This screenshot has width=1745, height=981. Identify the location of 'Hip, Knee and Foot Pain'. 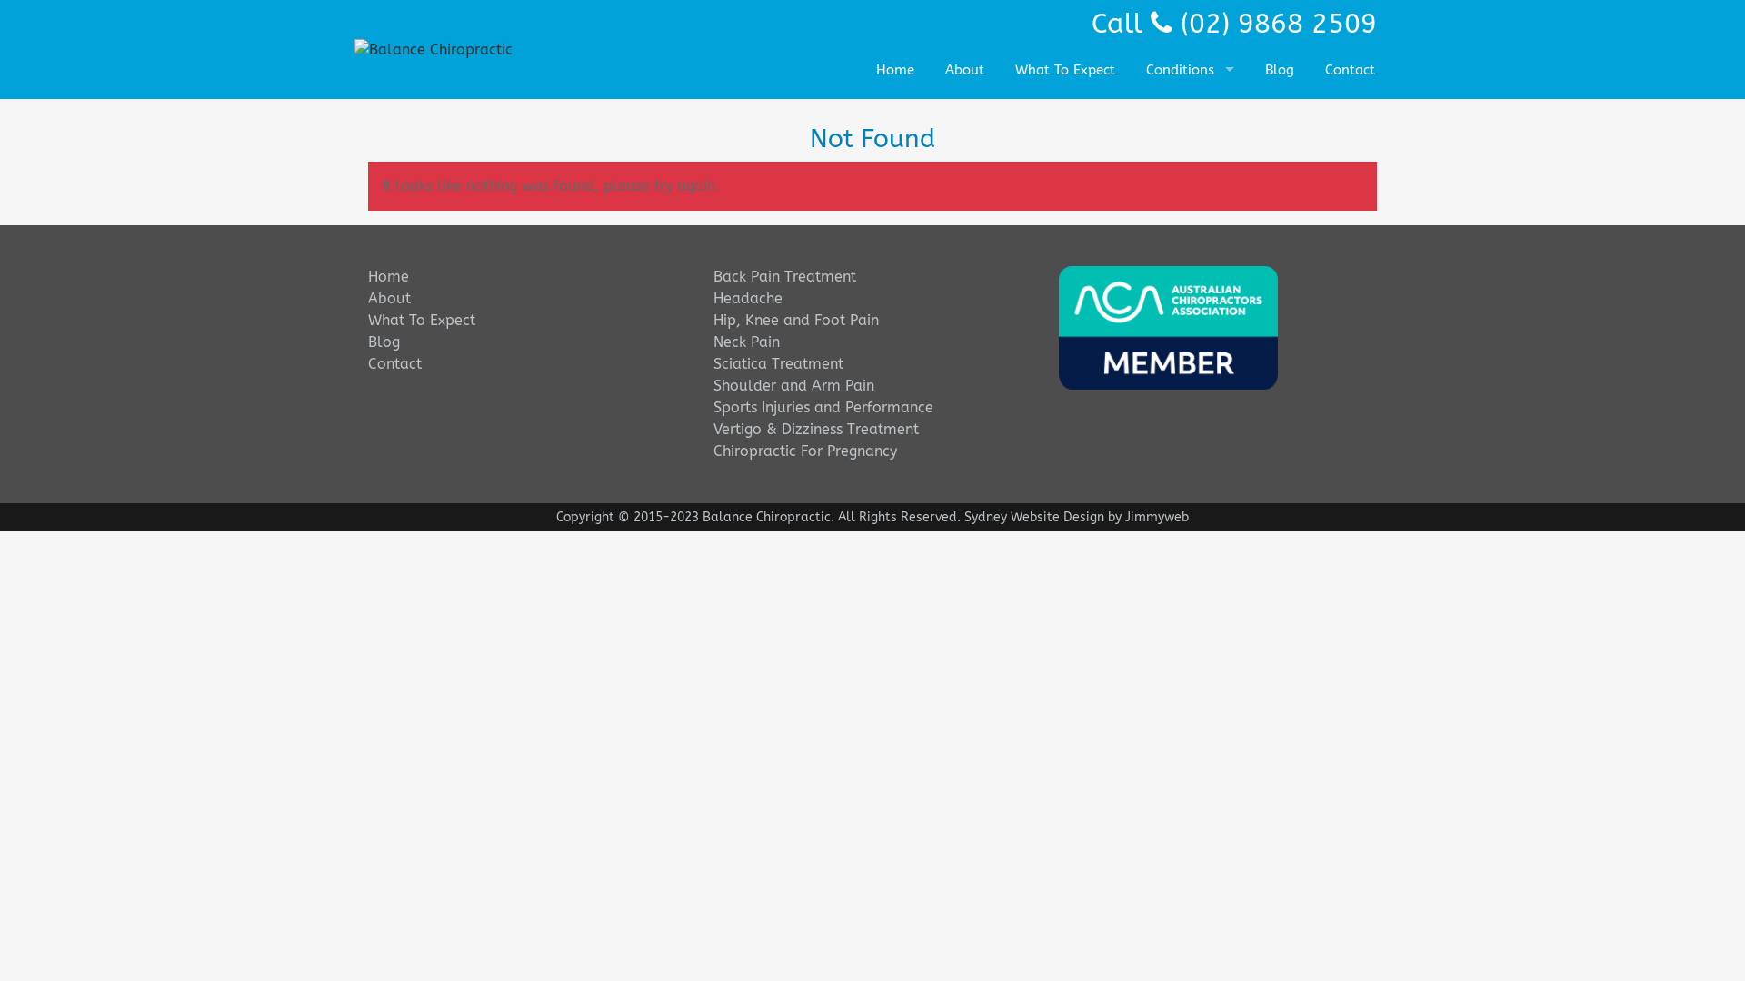
(796, 319).